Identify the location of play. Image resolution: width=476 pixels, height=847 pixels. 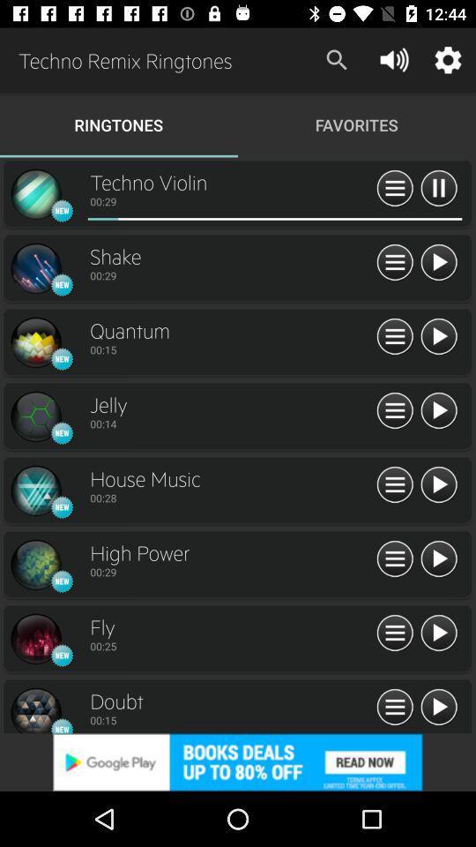
(437, 262).